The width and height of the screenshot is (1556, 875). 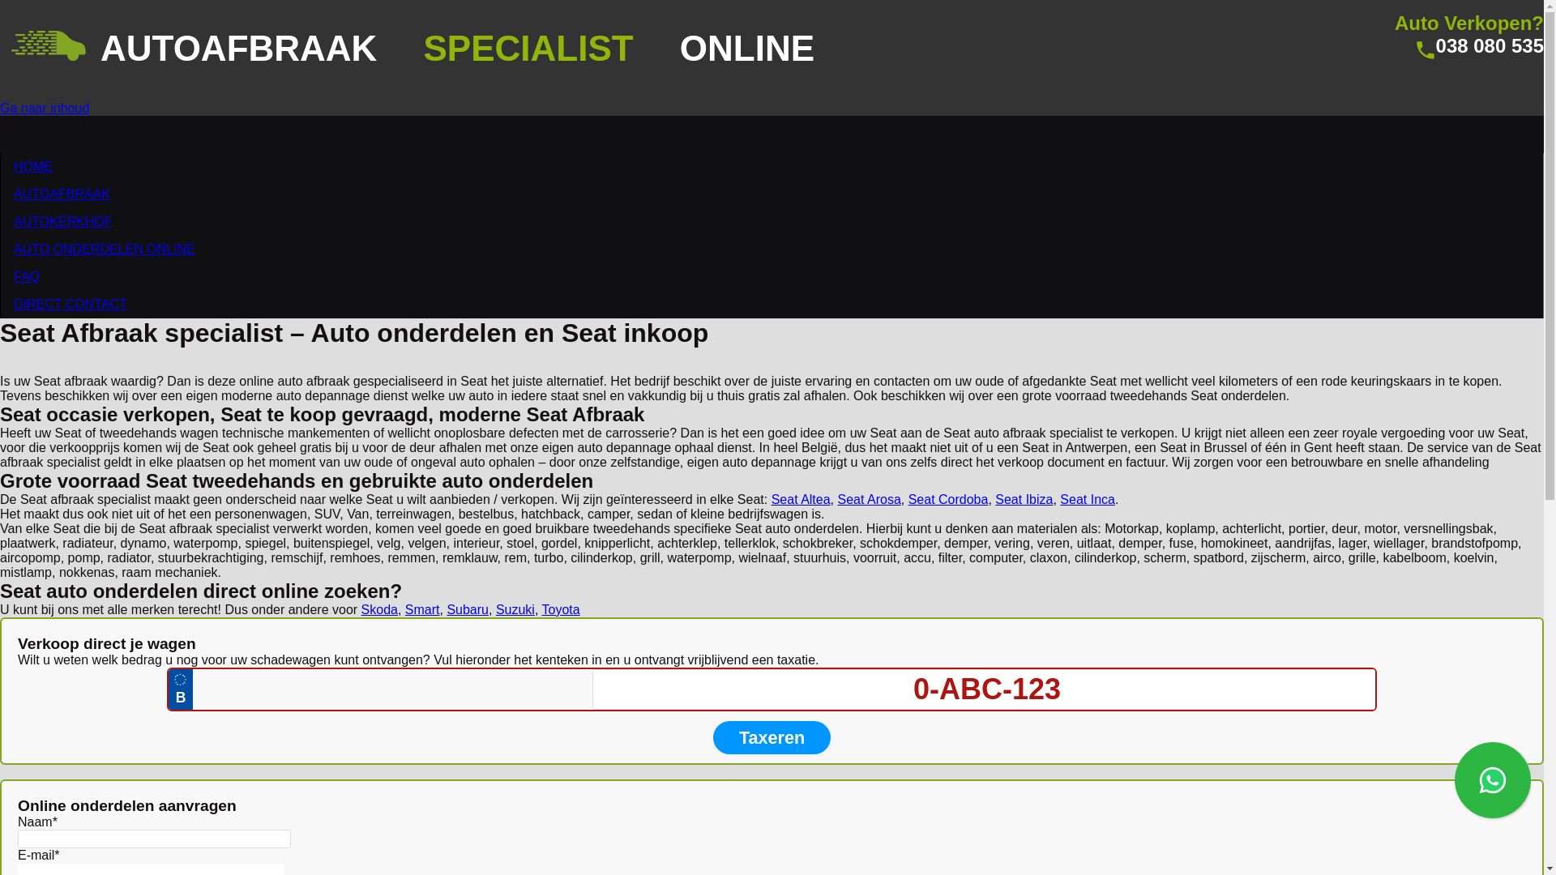 What do you see at coordinates (986, 689) in the screenshot?
I see `'0-ABC-123'` at bounding box center [986, 689].